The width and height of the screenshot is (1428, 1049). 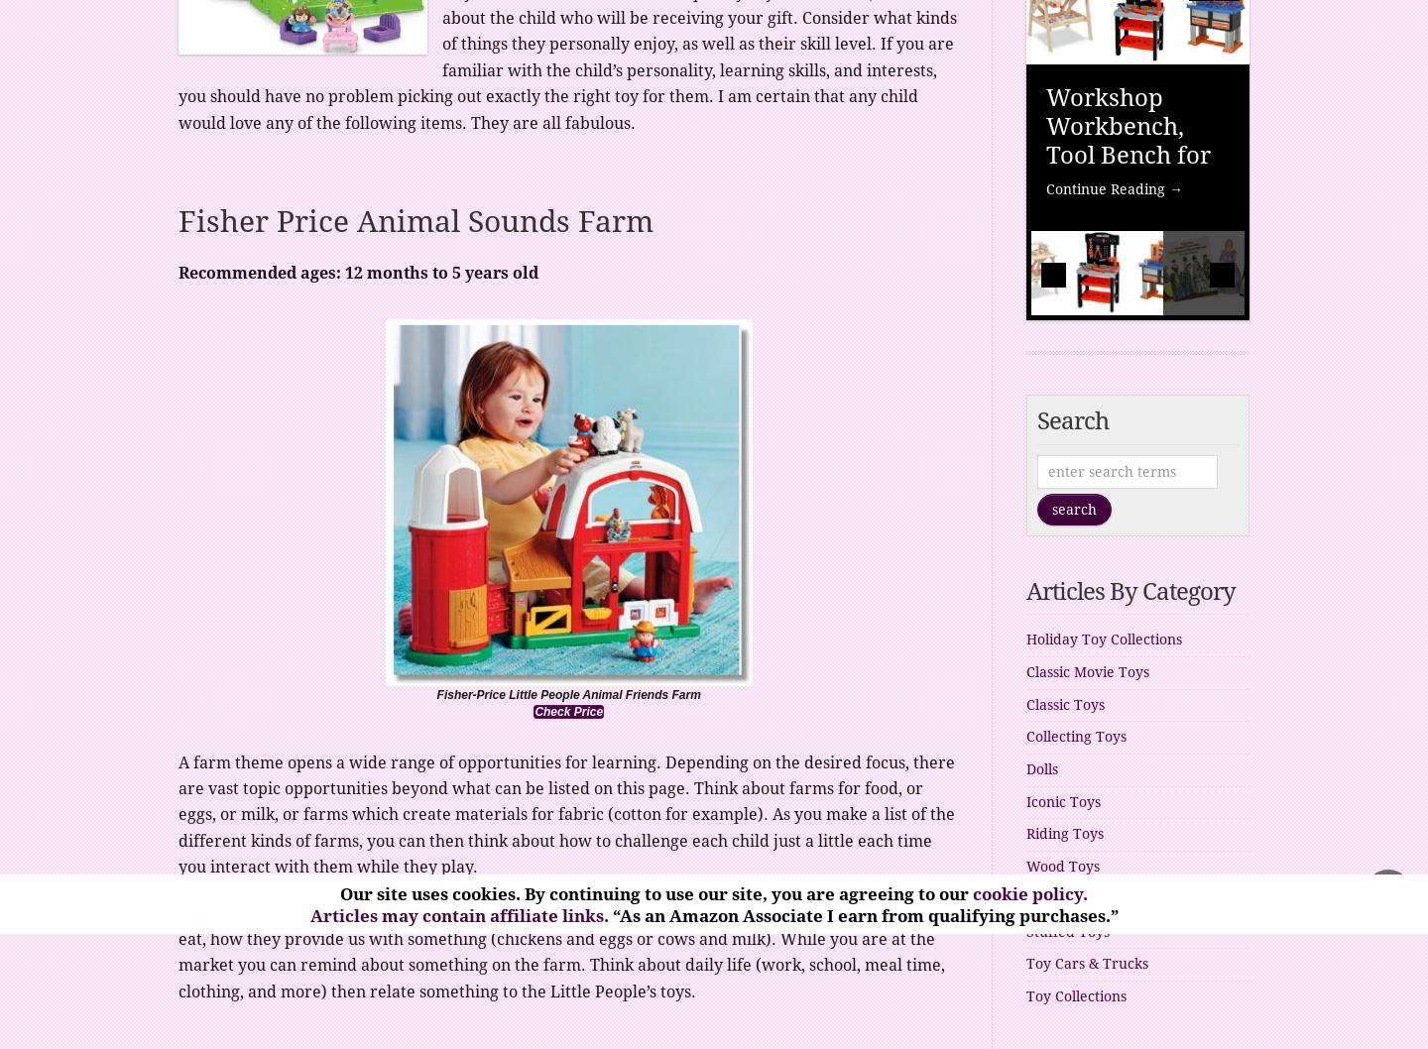 What do you see at coordinates (1128, 139) in the screenshot?
I see `'Workshop Workbench, Tool Bench for Kids'` at bounding box center [1128, 139].